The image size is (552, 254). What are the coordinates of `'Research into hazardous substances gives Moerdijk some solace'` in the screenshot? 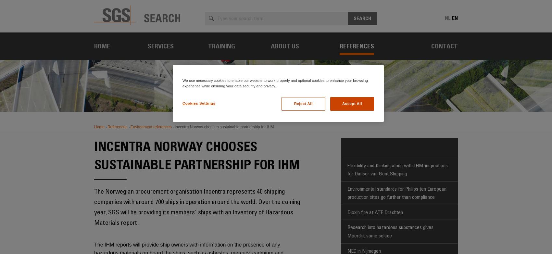 It's located at (390, 231).